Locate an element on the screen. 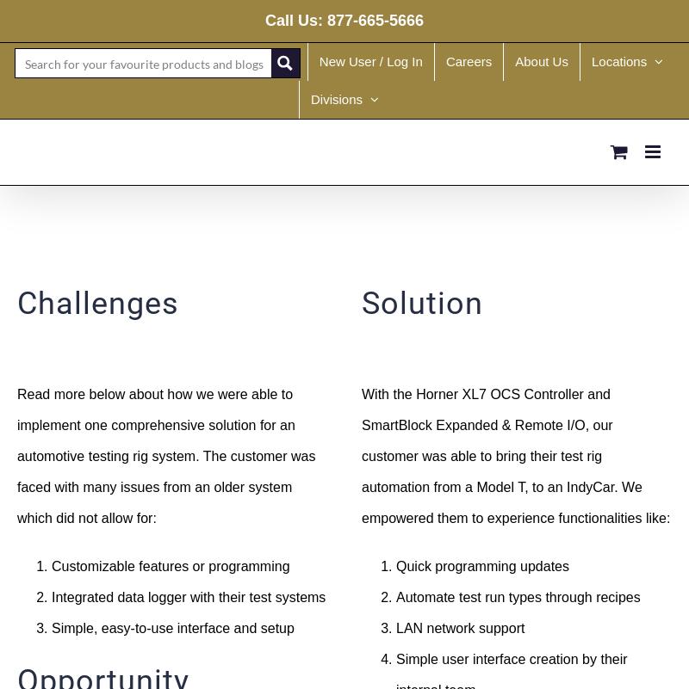 Image resolution: width=689 pixels, height=689 pixels. 'Challenges' is located at coordinates (96, 302).